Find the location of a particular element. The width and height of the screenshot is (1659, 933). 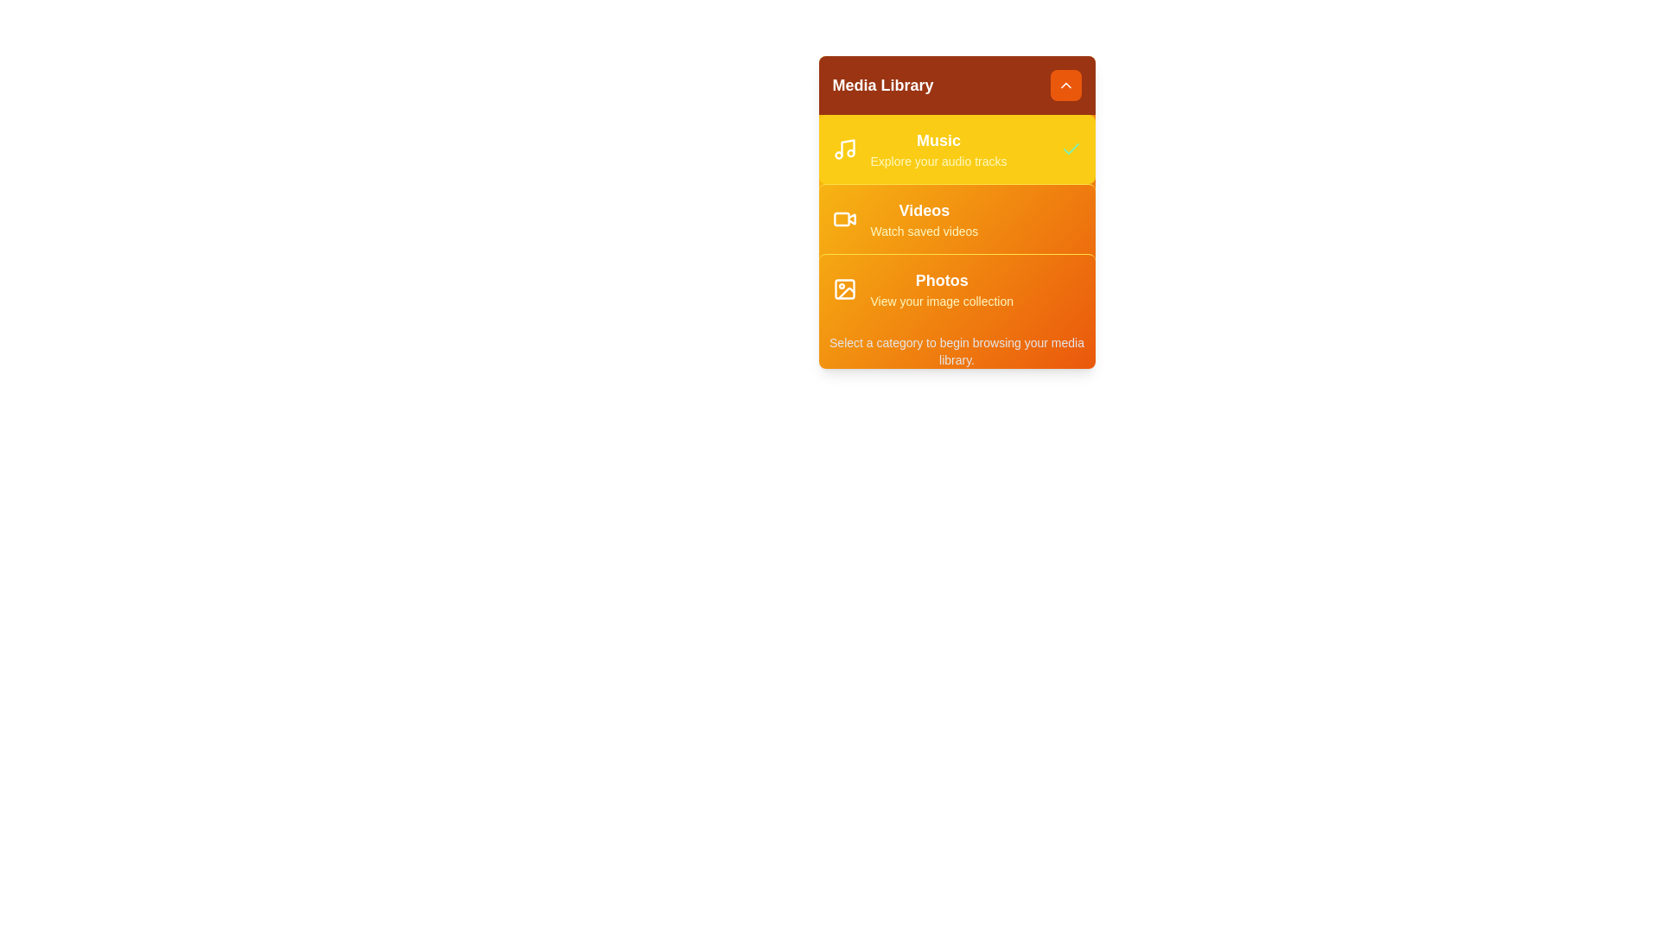

the 'Videos' category to select it is located at coordinates (956, 218).